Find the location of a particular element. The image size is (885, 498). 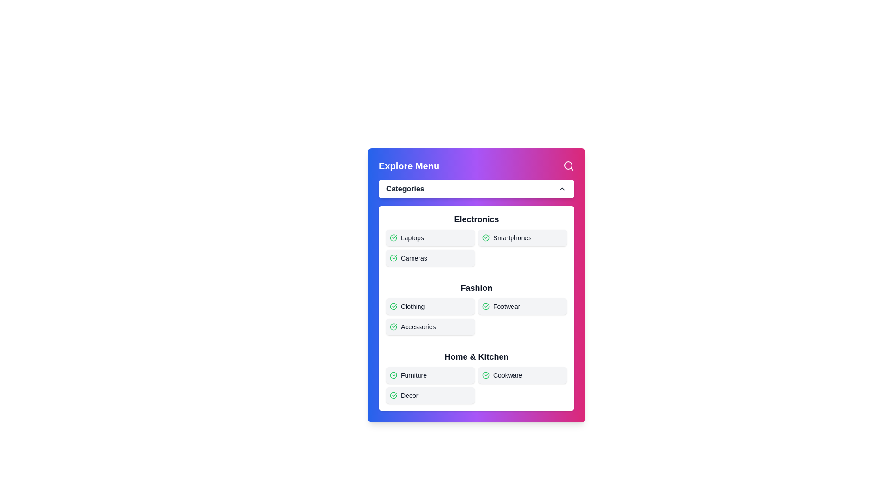

the completion icon indicating the positive state of the associated 'Decor' item, which is positioned to the left of the text 'Decor' in the 'Home & Kitchen' section is located at coordinates (394, 395).